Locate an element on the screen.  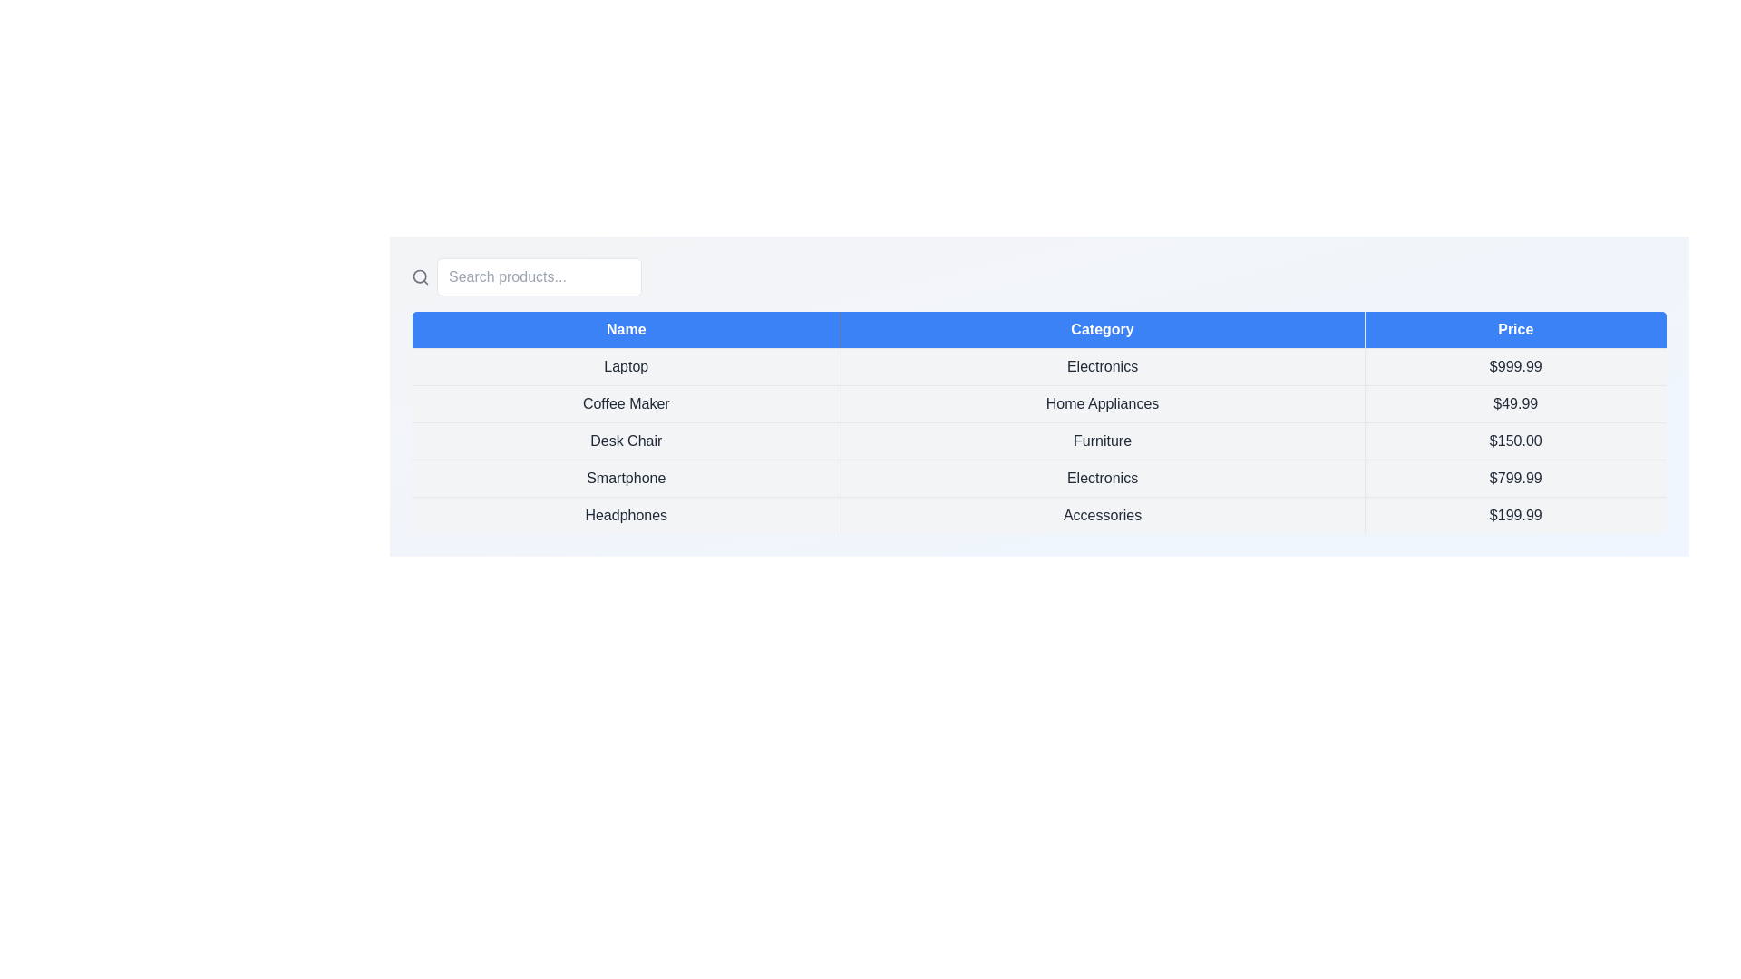
text displayed in the Text Display element located in the right-most column titled 'Price' in the first row of the table, which shows the value '$999.99' is located at coordinates (1515, 367).